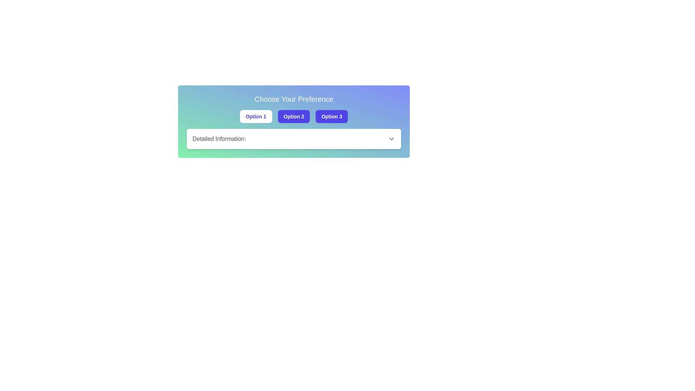 This screenshot has height=391, width=695. What do you see at coordinates (294, 121) in the screenshot?
I see `the button labeled 'Option 2' which is the second button in a row of three, centrally aligned under the heading 'Choose Your Preference'` at bounding box center [294, 121].